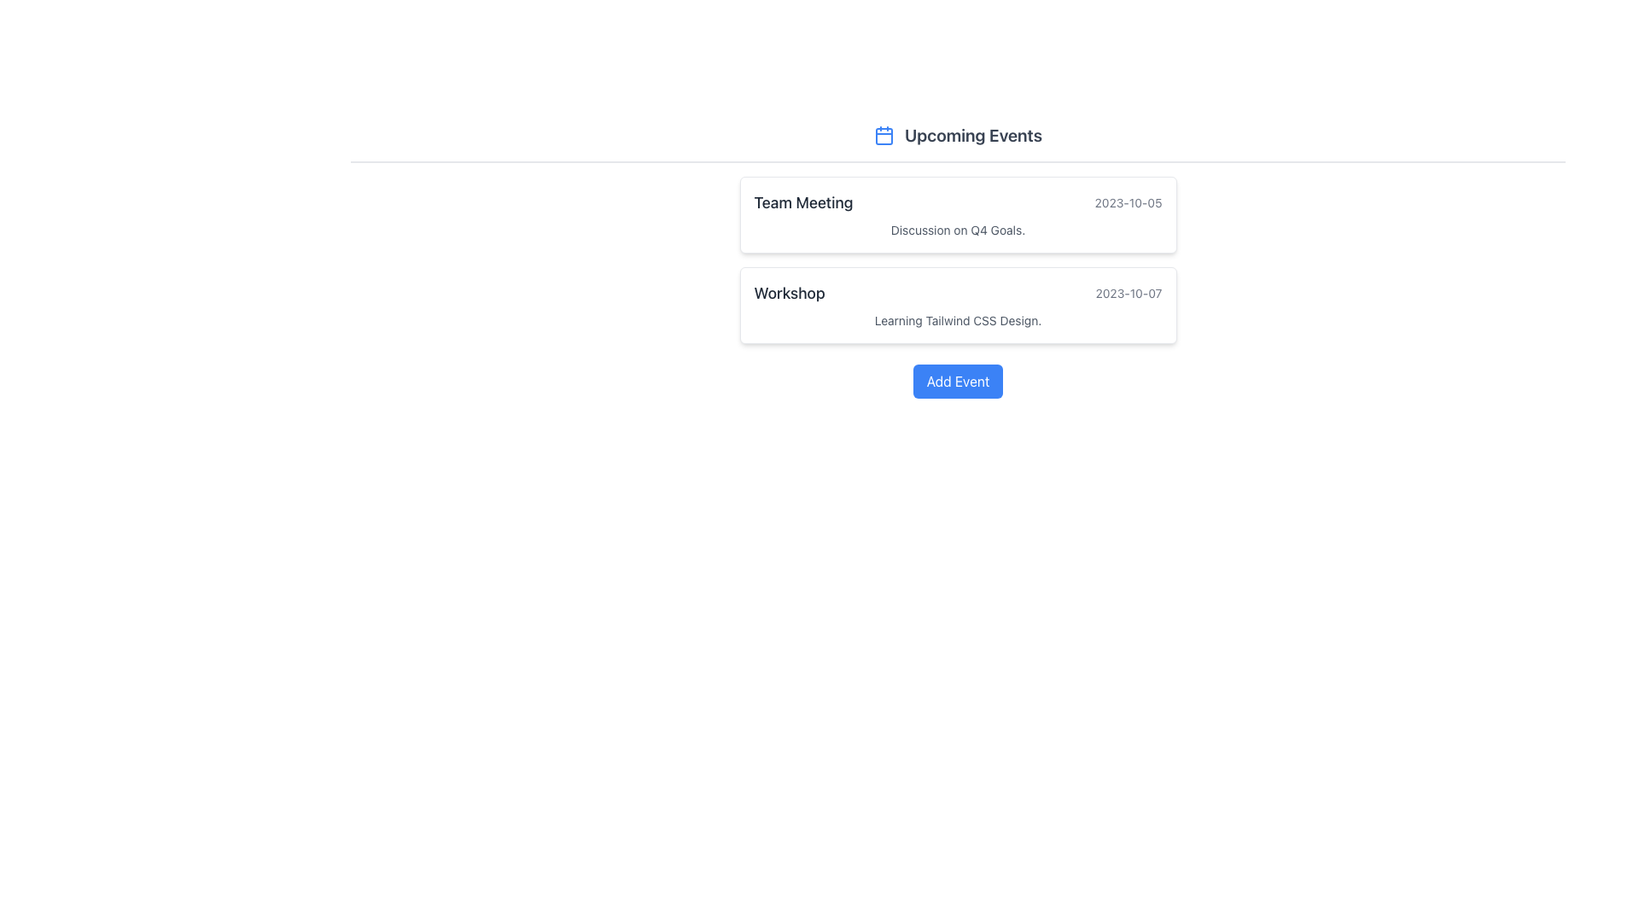 The width and height of the screenshot is (1639, 922). What do you see at coordinates (958, 134) in the screenshot?
I see `the text heading component located at the top-center of the event management section, which serves as the title for upcoming events` at bounding box center [958, 134].